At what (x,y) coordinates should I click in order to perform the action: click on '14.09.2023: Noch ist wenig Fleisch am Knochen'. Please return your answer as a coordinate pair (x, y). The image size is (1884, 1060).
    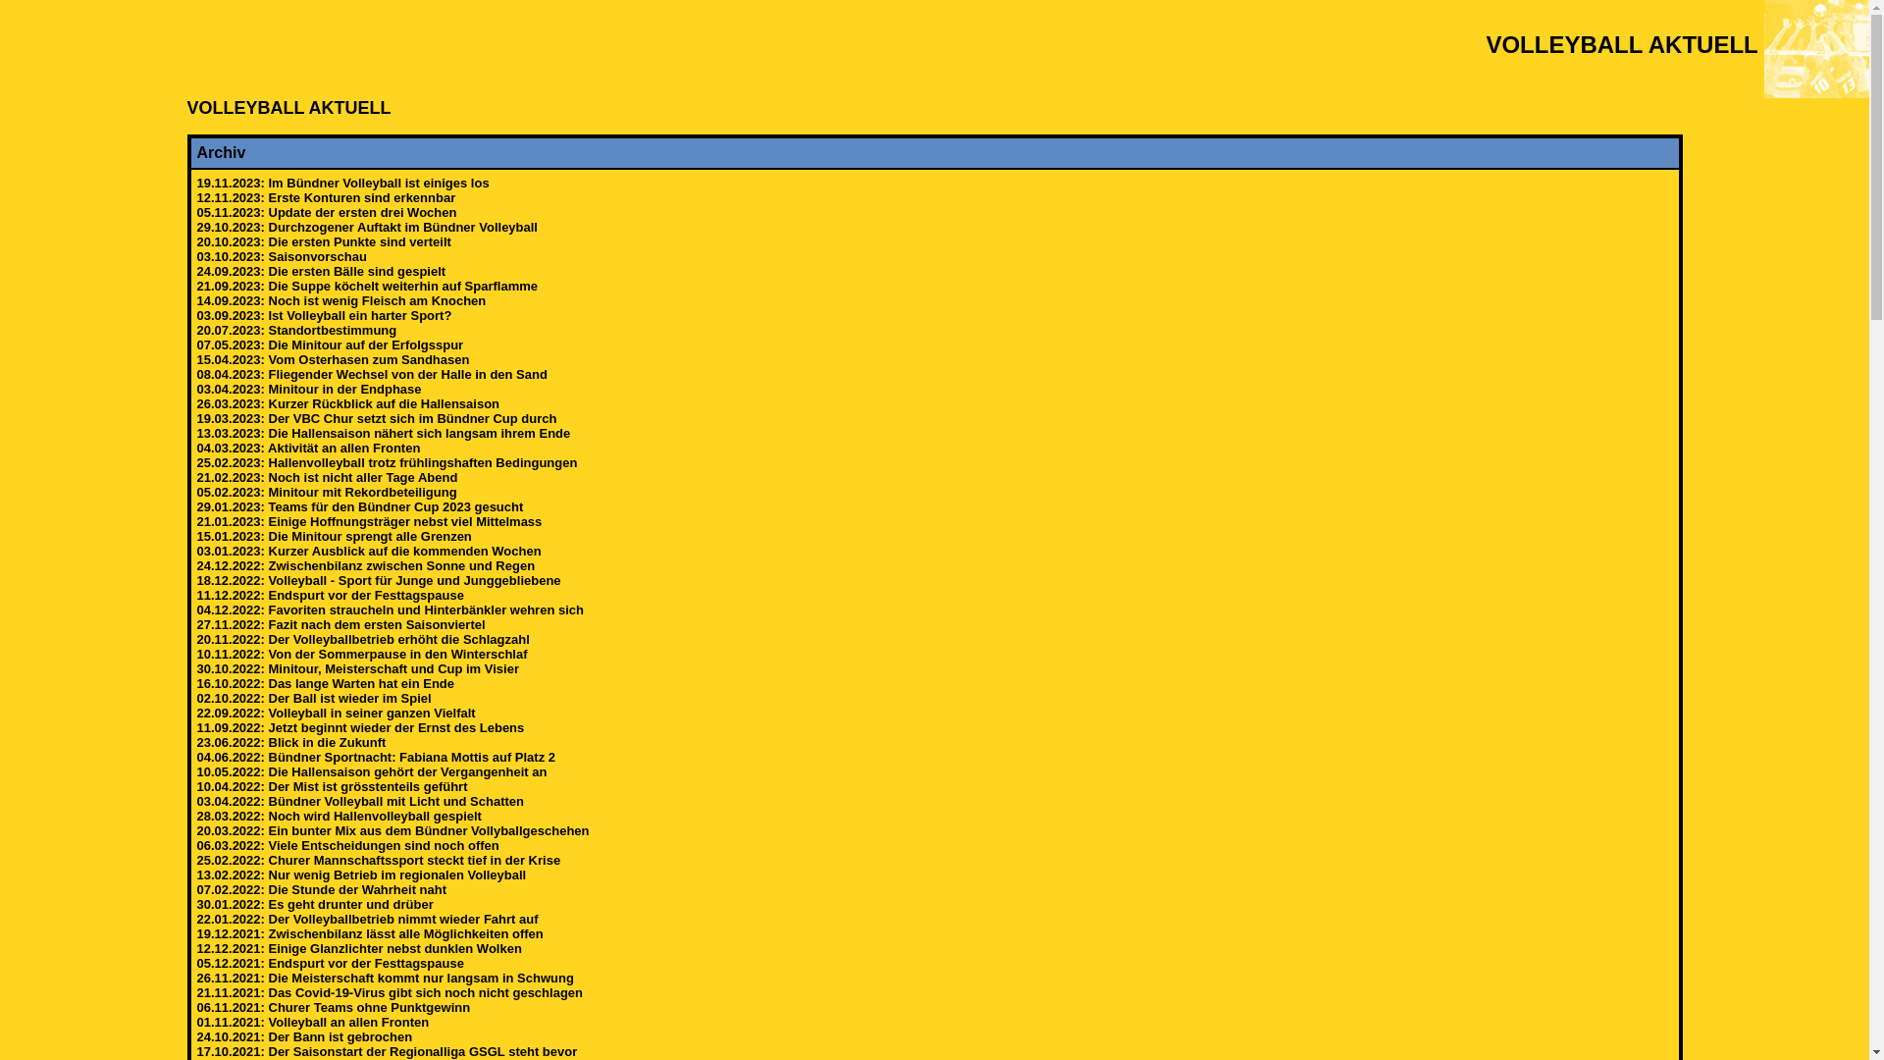
    Looking at the image, I should click on (340, 300).